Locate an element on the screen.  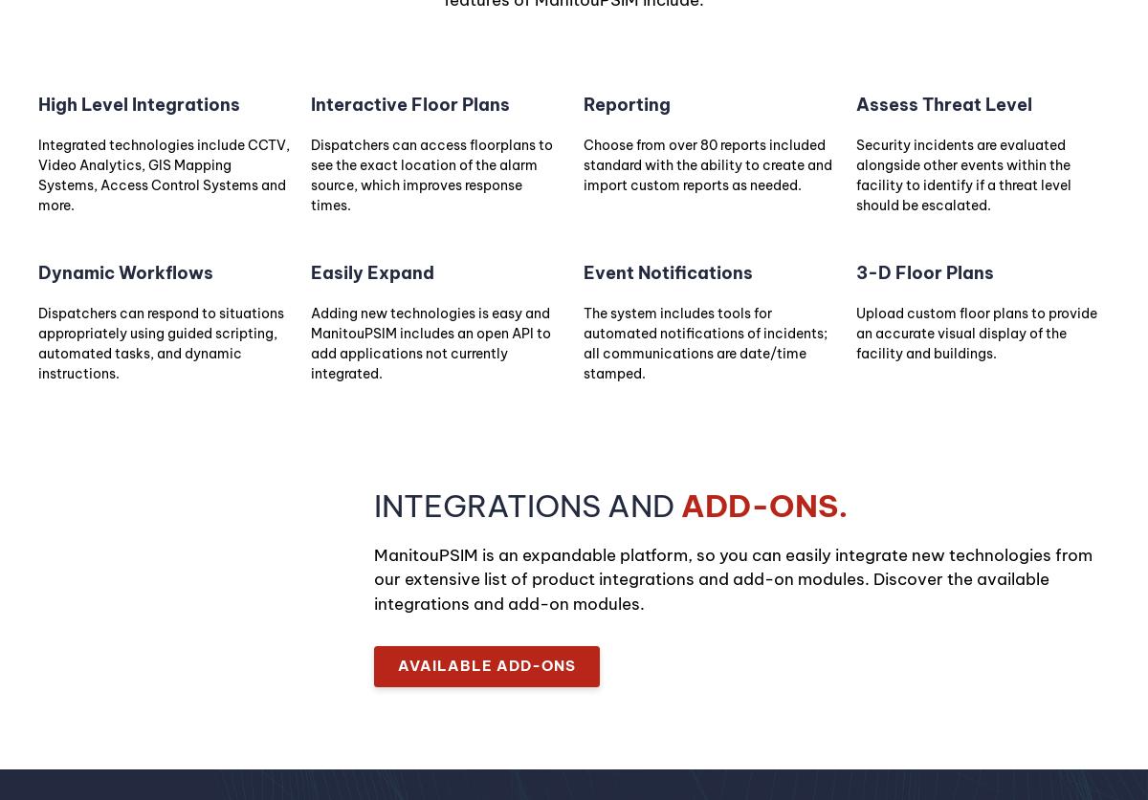
'Security incidents are evaluated alongside other events within the facility to identify if a threat level should be escalated.' is located at coordinates (854, 174).